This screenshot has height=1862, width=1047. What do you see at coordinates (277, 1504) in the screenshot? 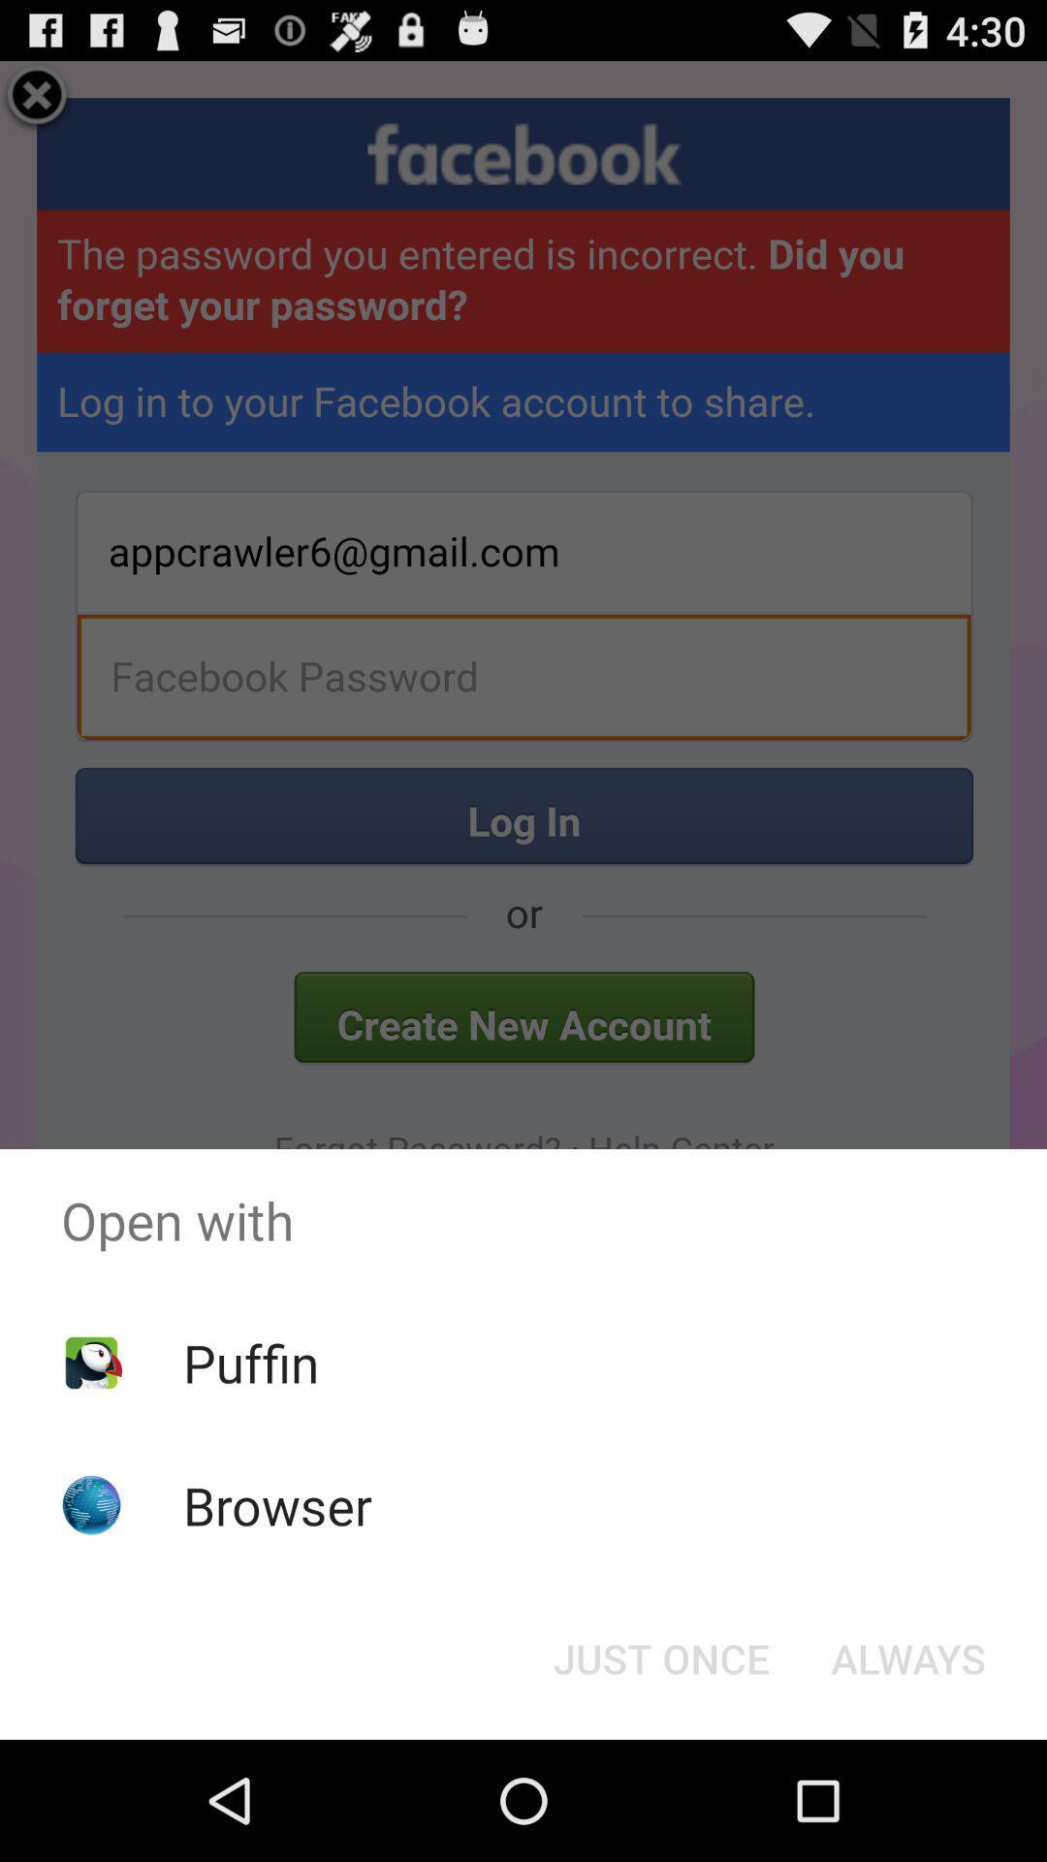
I see `browser app` at bounding box center [277, 1504].